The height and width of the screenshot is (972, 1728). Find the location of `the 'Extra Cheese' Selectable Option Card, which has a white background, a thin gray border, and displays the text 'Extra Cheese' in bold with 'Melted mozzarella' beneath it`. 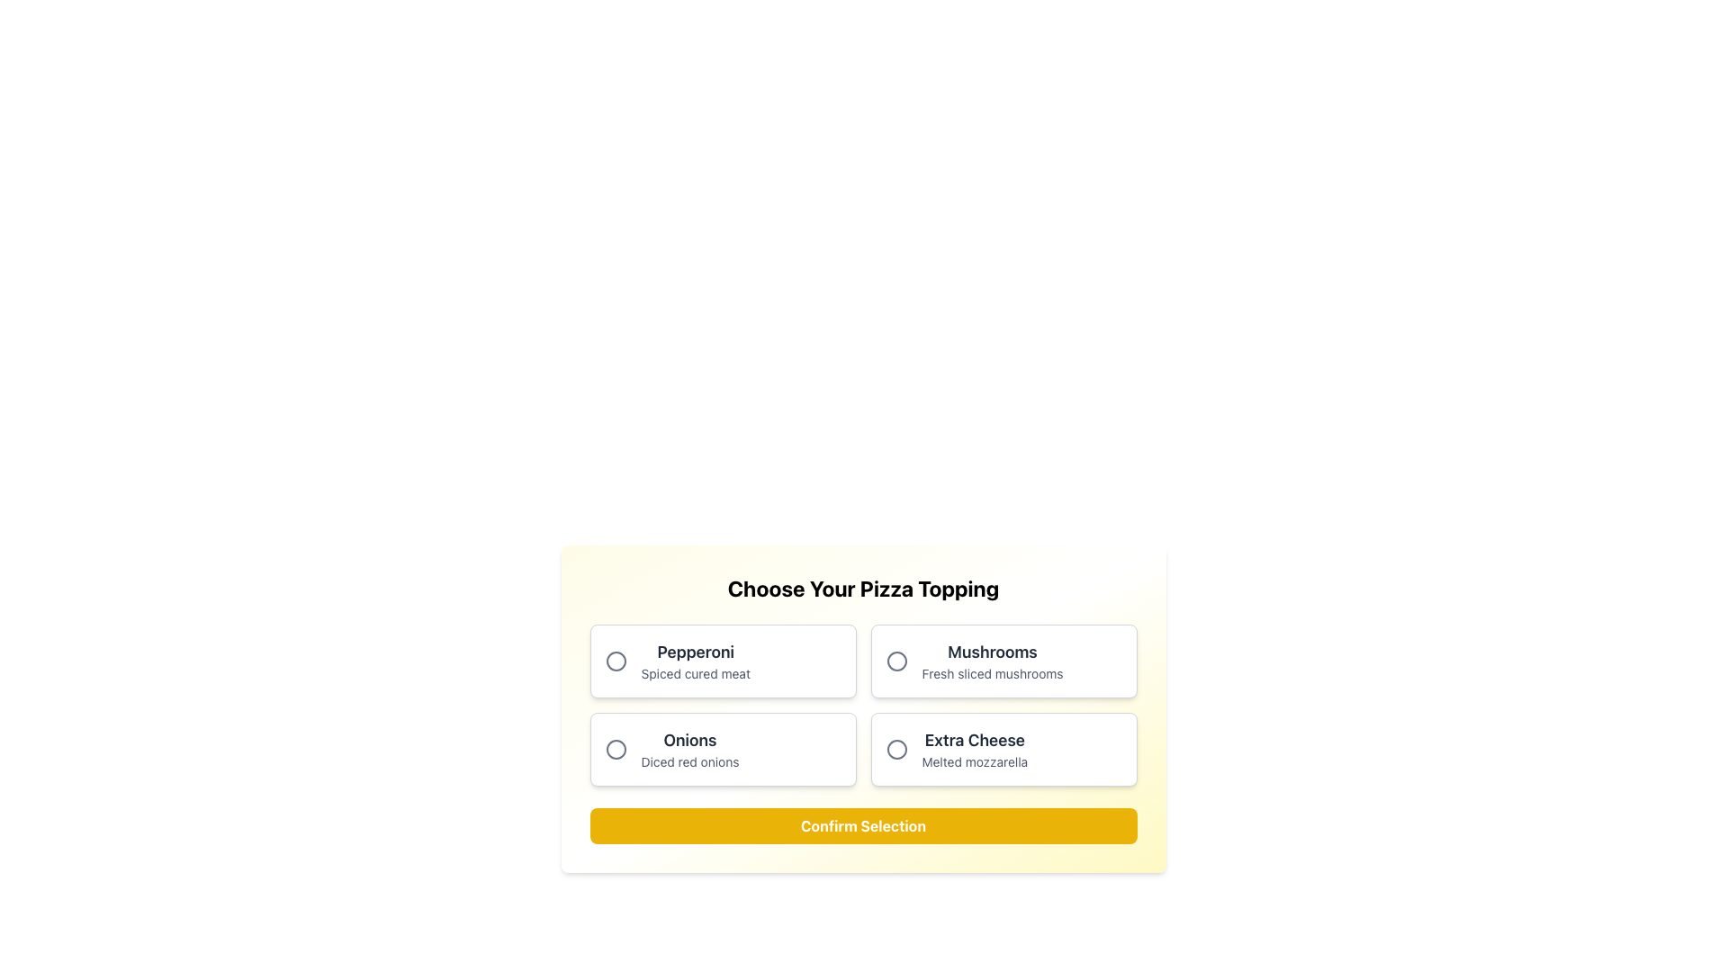

the 'Extra Cheese' Selectable Option Card, which has a white background, a thin gray border, and displays the text 'Extra Cheese' in bold with 'Melted mozzarella' beneath it is located at coordinates (1003, 750).